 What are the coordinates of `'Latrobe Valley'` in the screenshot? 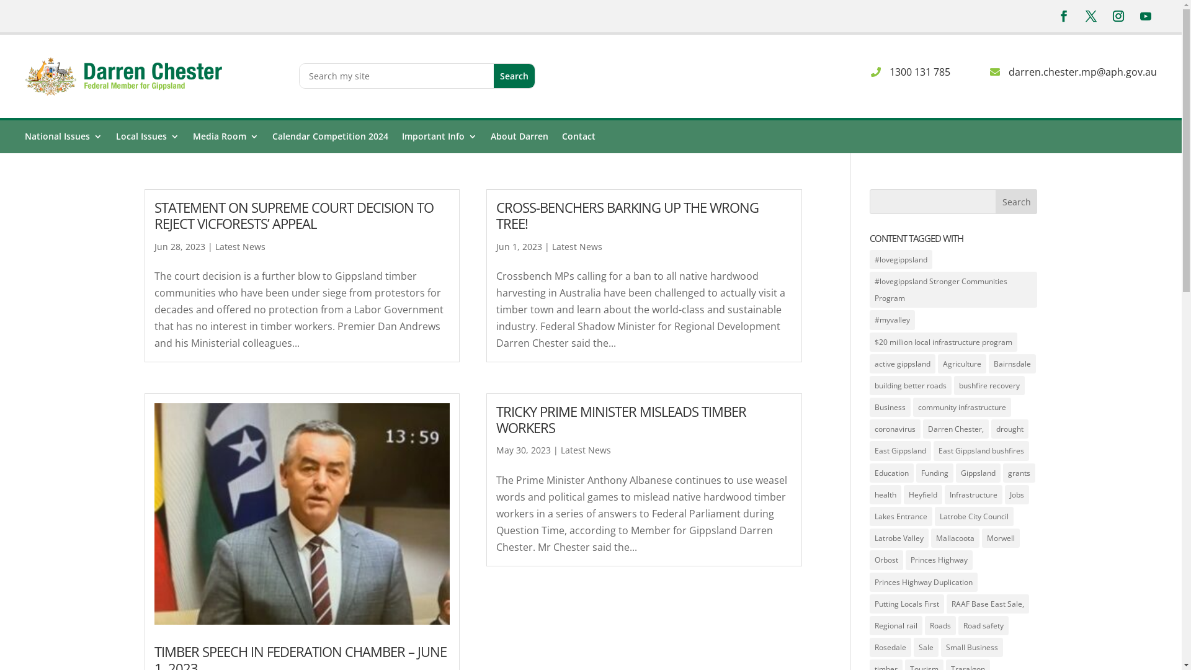 It's located at (899, 537).